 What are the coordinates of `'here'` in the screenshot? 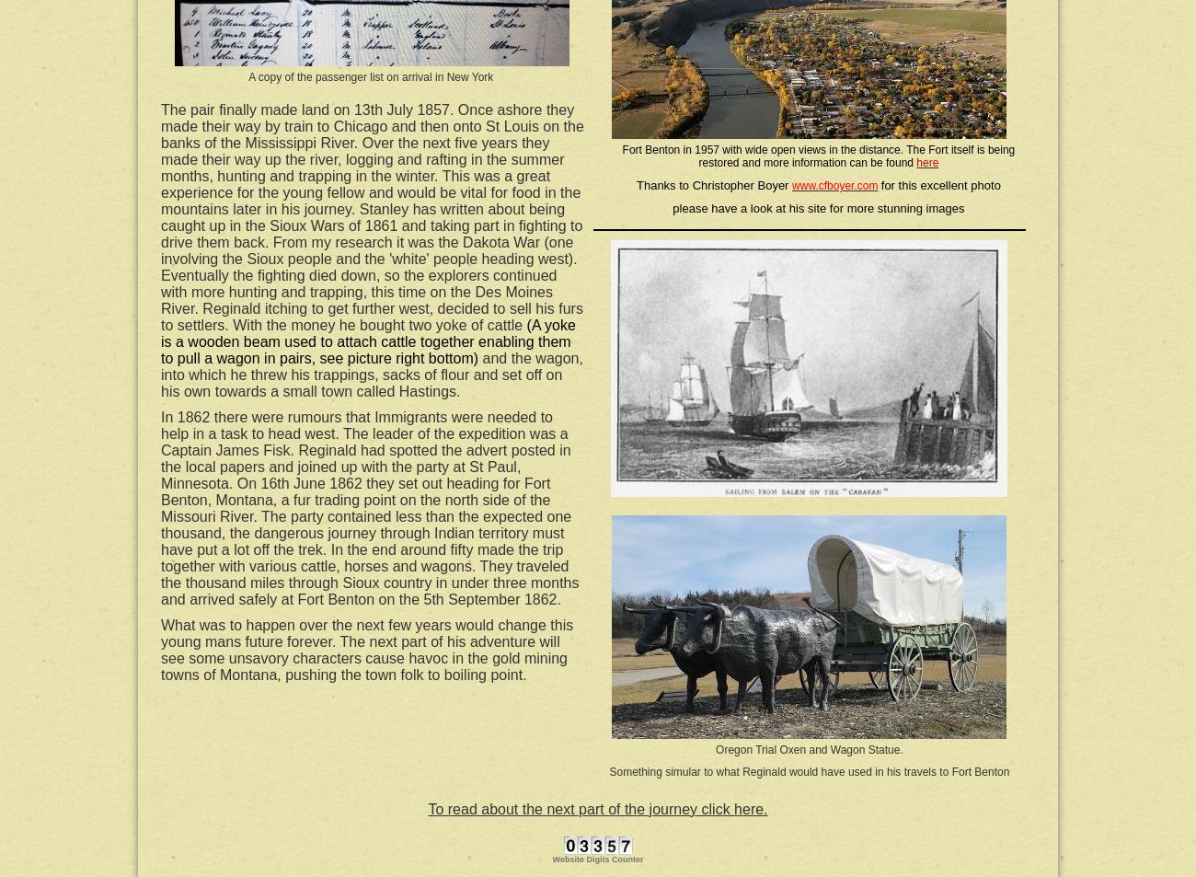 It's located at (915, 161).